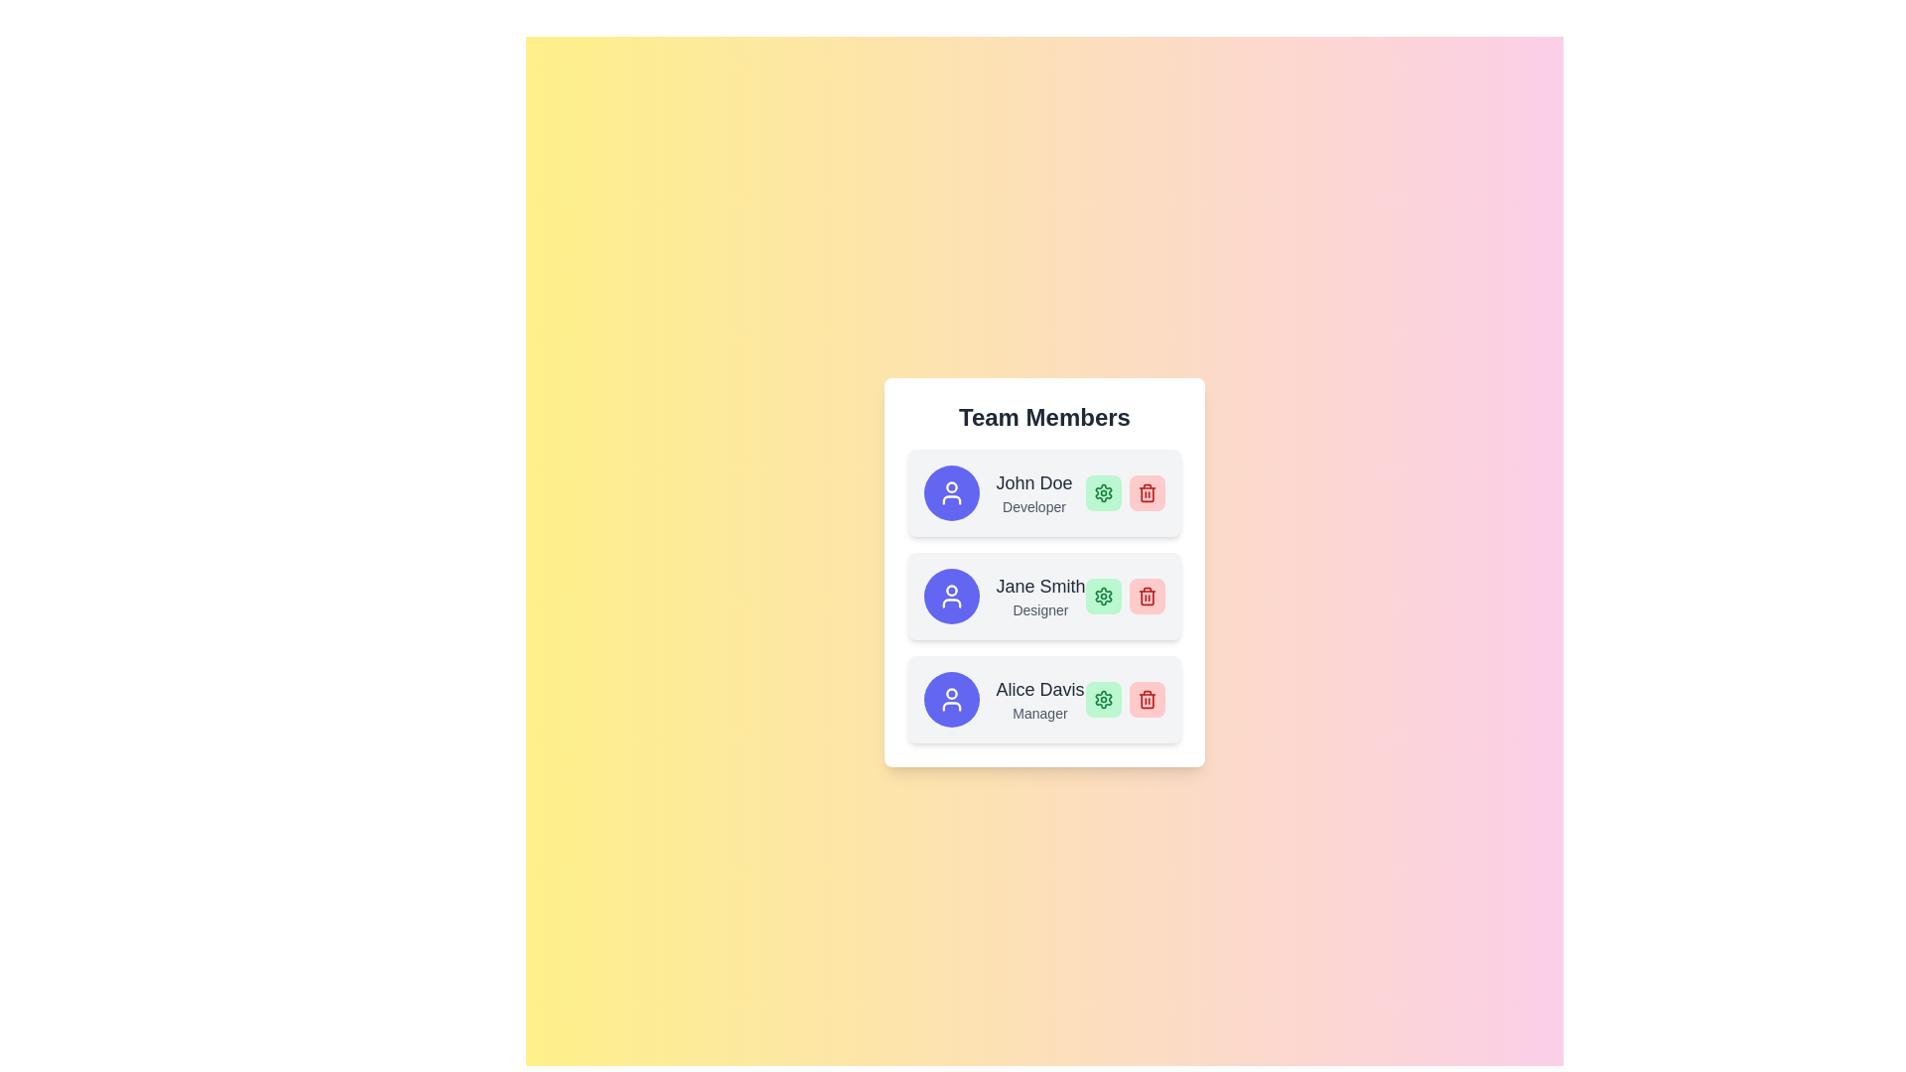  Describe the element at coordinates (1038, 712) in the screenshot. I see `'Manager' text label located below the name 'Alice Davis' in the user information card for team member Alice Davis to understand the role` at that location.